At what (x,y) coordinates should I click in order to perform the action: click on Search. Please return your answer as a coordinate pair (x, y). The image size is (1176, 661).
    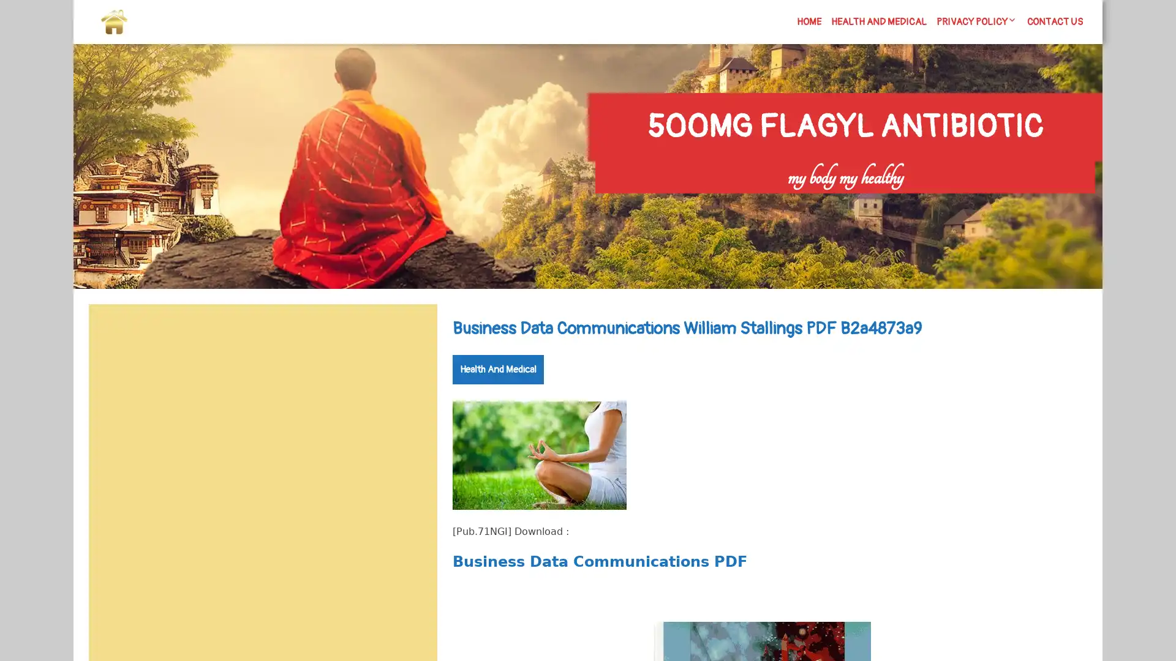
    Looking at the image, I should click on (954, 200).